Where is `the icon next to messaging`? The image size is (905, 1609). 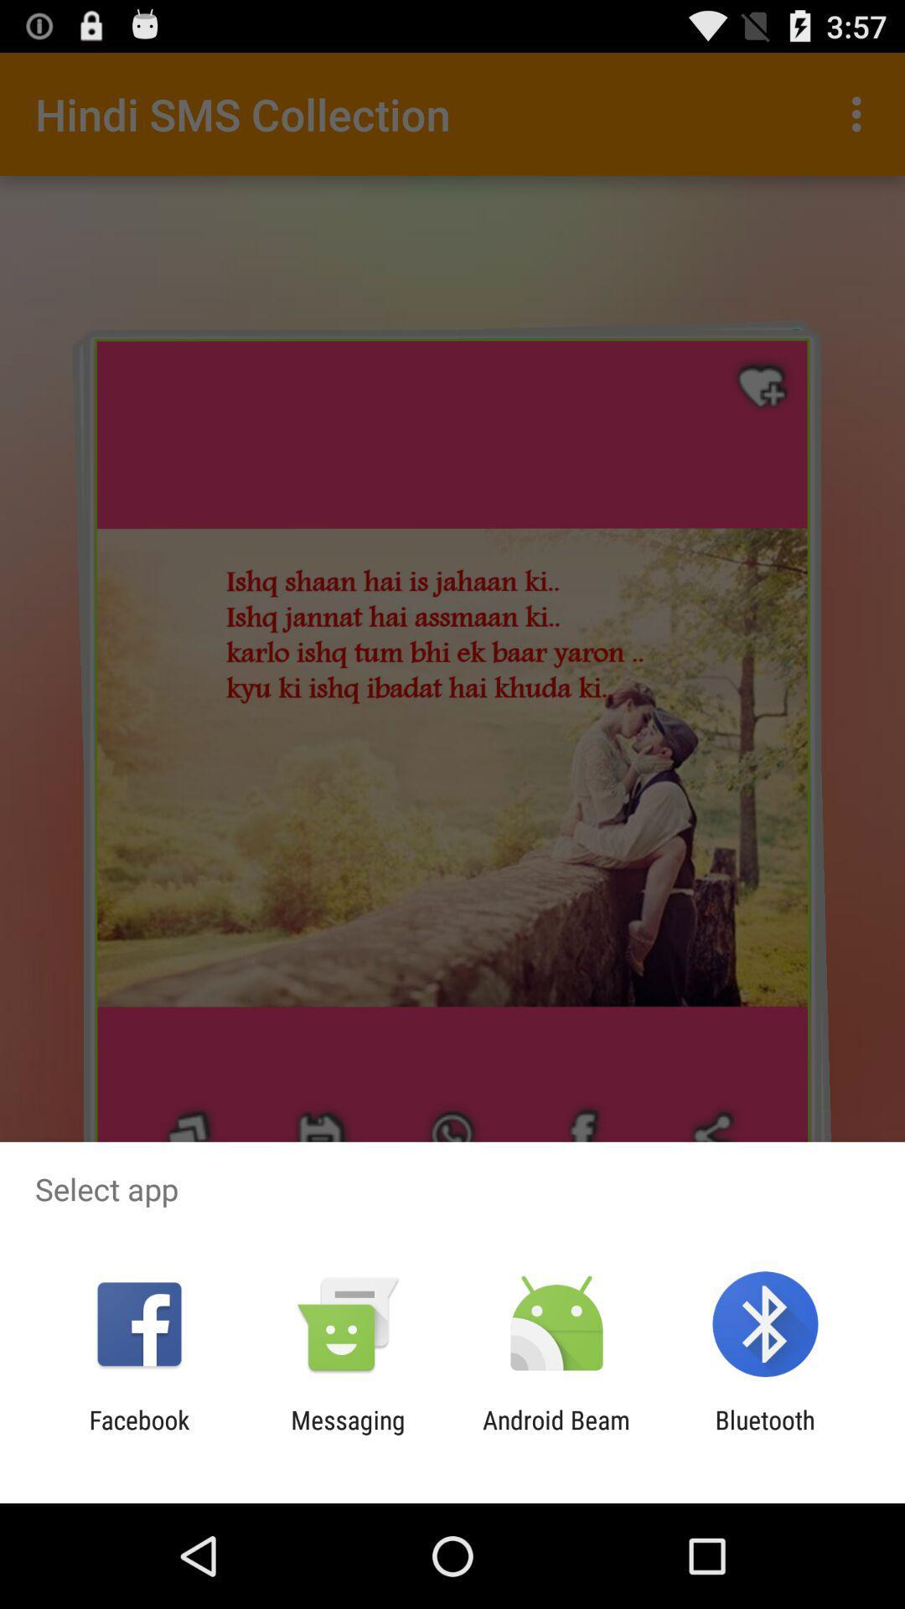 the icon next to messaging is located at coordinates (138, 1434).